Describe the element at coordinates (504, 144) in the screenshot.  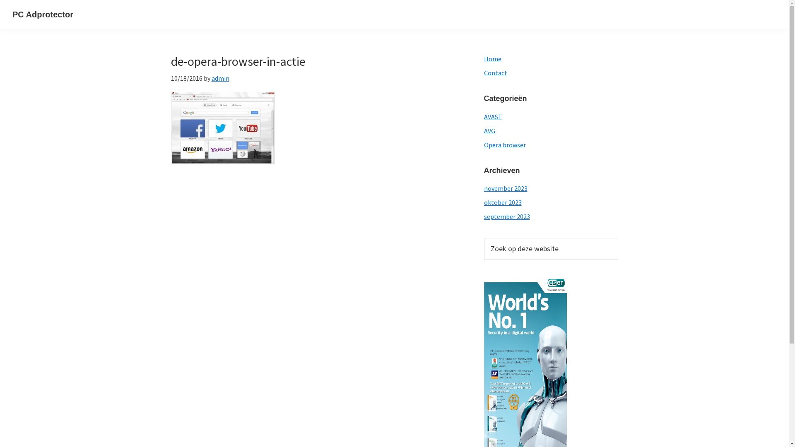
I see `'Opera browser'` at that location.